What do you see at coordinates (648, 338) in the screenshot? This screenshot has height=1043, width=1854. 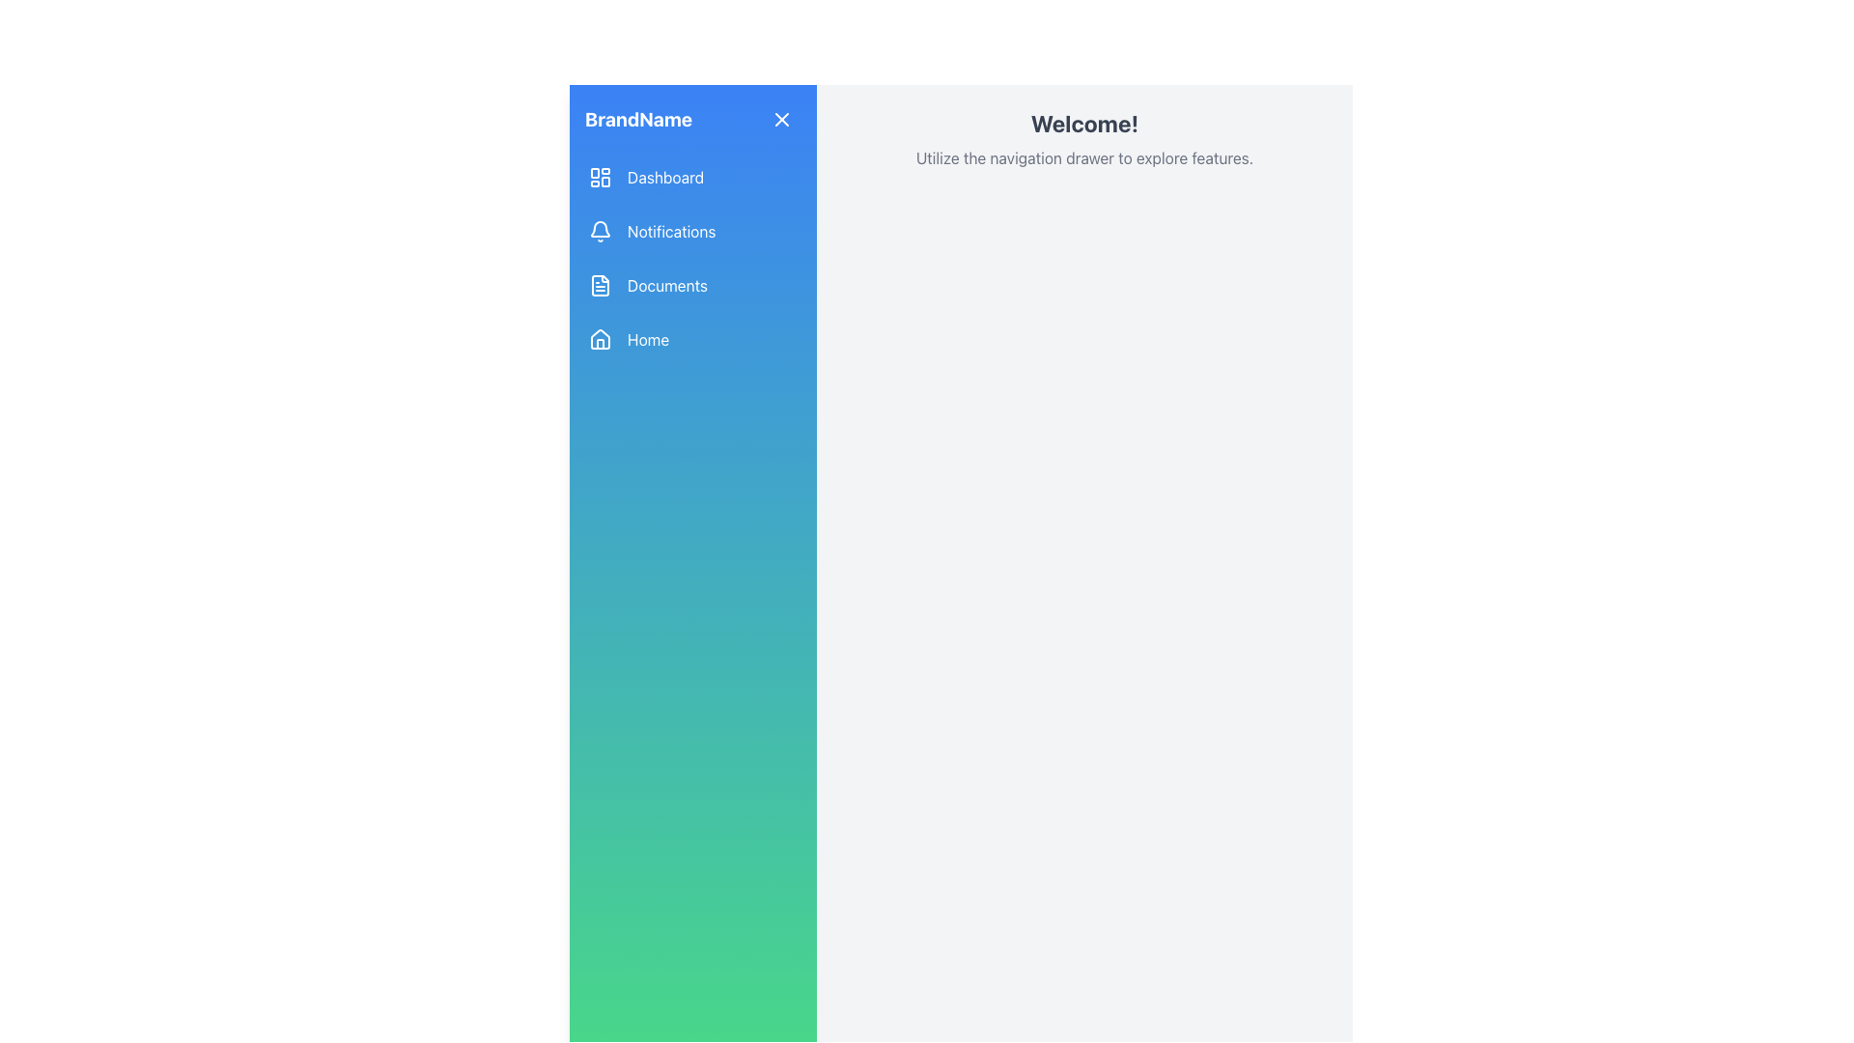 I see `the 'Home' static text label in the navigation menu, which is styled in white on a blue gradient background and is the fourth item in the list` at bounding box center [648, 338].